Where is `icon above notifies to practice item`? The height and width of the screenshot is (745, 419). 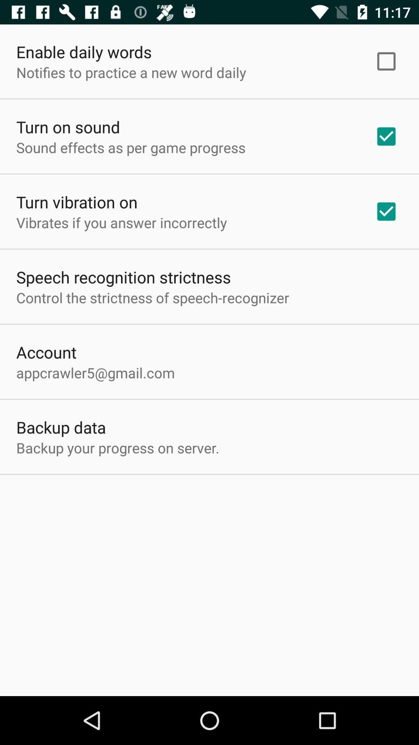 icon above notifies to practice item is located at coordinates (84, 51).